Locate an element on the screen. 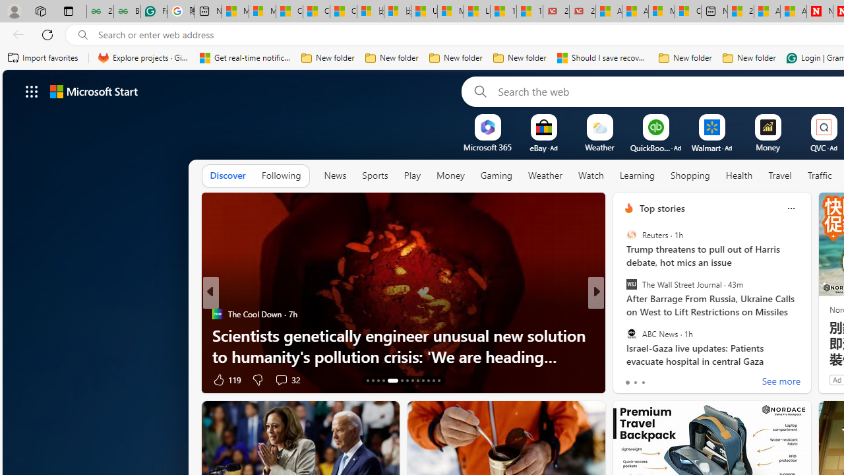 The height and width of the screenshot is (475, 844). 'Import favorites' is located at coordinates (43, 57).